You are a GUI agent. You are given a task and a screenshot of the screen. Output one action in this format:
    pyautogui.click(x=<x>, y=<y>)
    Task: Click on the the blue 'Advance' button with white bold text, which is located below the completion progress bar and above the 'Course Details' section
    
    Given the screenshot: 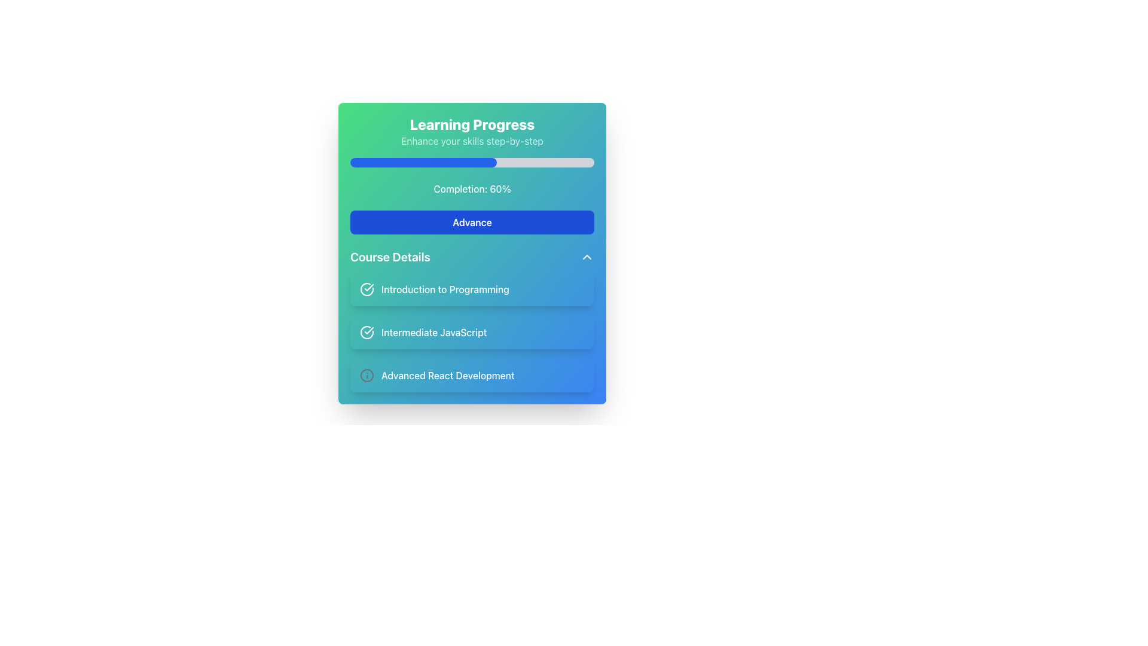 What is the action you would take?
    pyautogui.click(x=472, y=222)
    